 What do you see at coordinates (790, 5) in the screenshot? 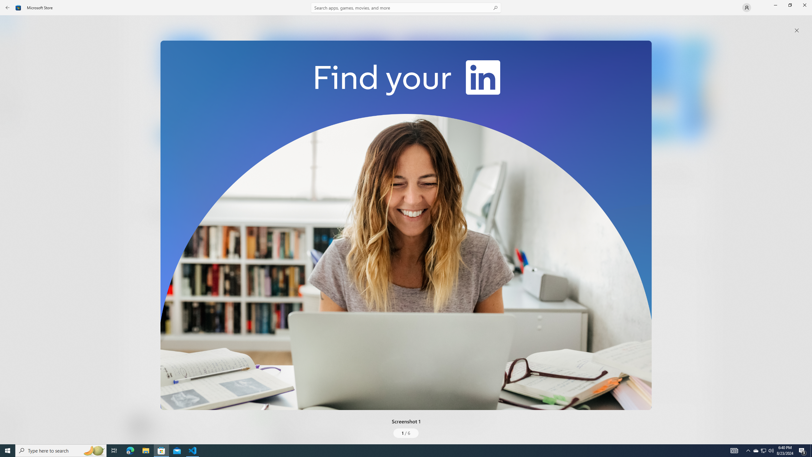
I see `'Restore Microsoft Store'` at bounding box center [790, 5].